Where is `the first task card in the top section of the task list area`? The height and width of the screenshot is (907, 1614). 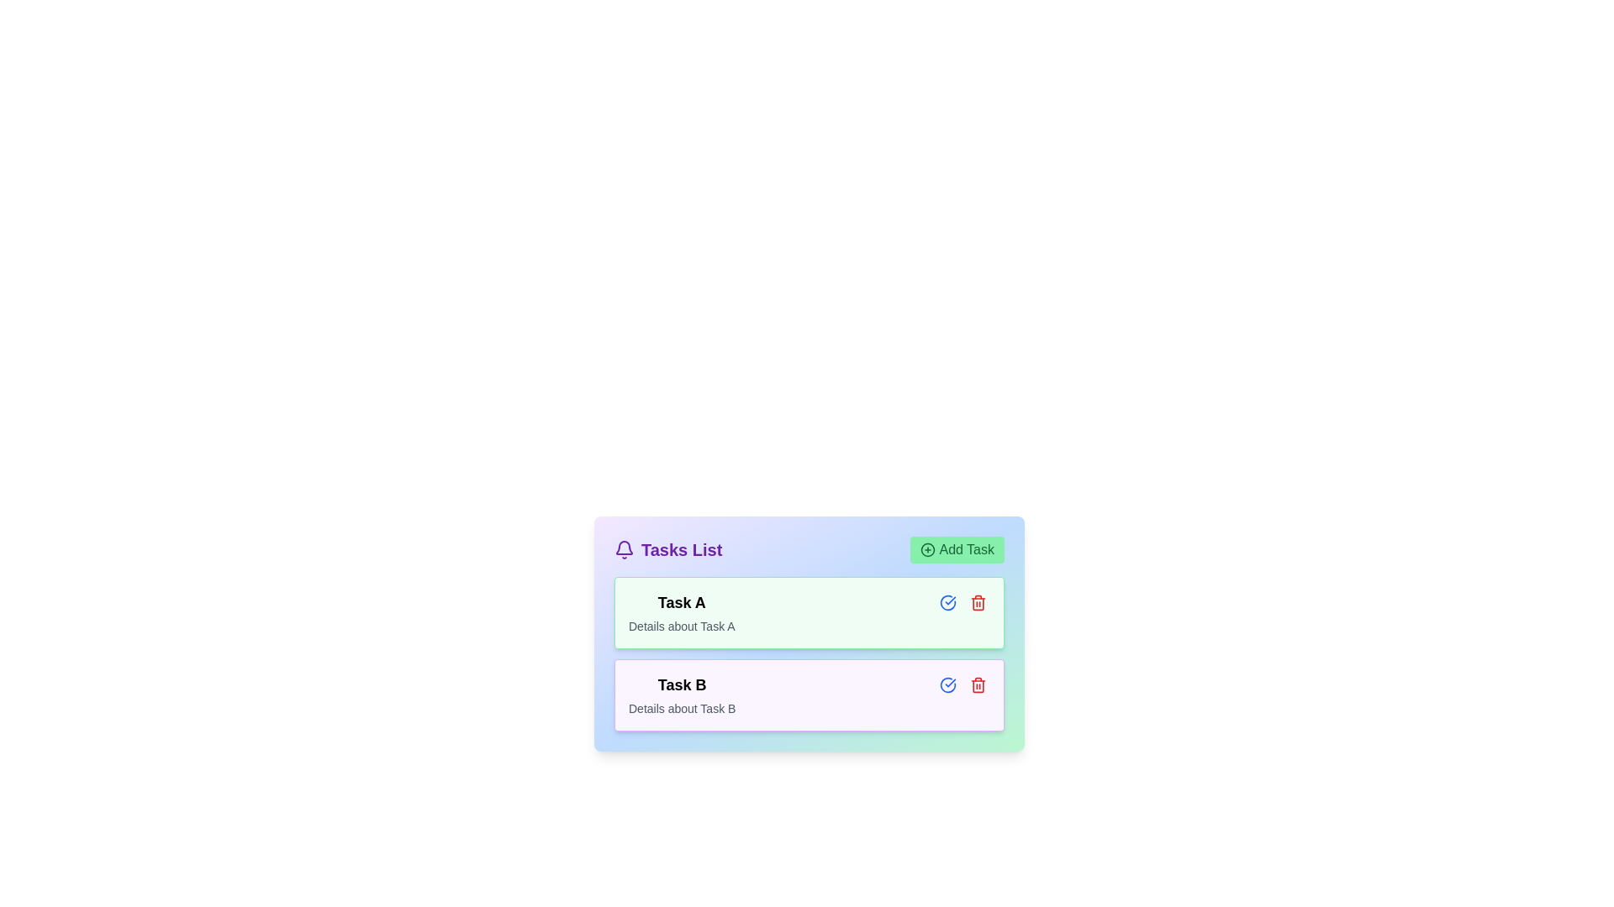
the first task card in the top section of the task list area is located at coordinates (682, 612).